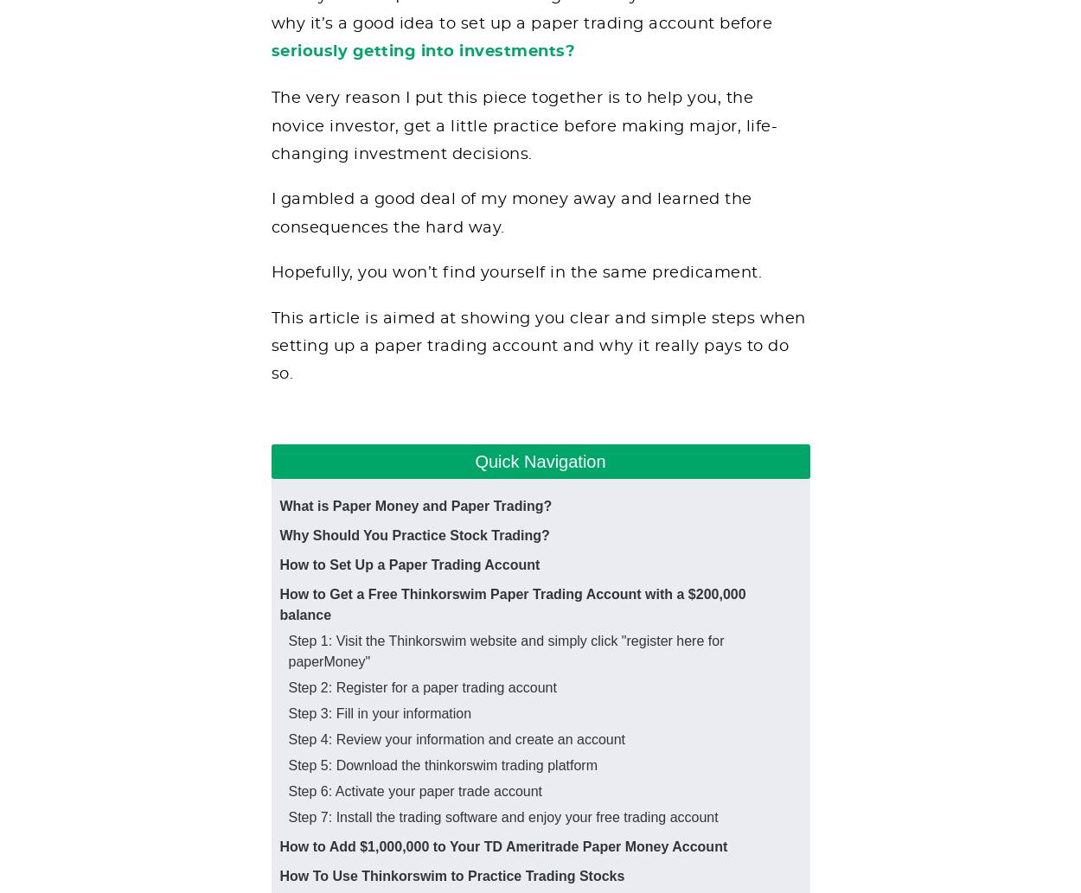 This screenshot has height=893, width=1081. Describe the element at coordinates (408, 563) in the screenshot. I see `'How to Set Up a Paper Trading Account'` at that location.